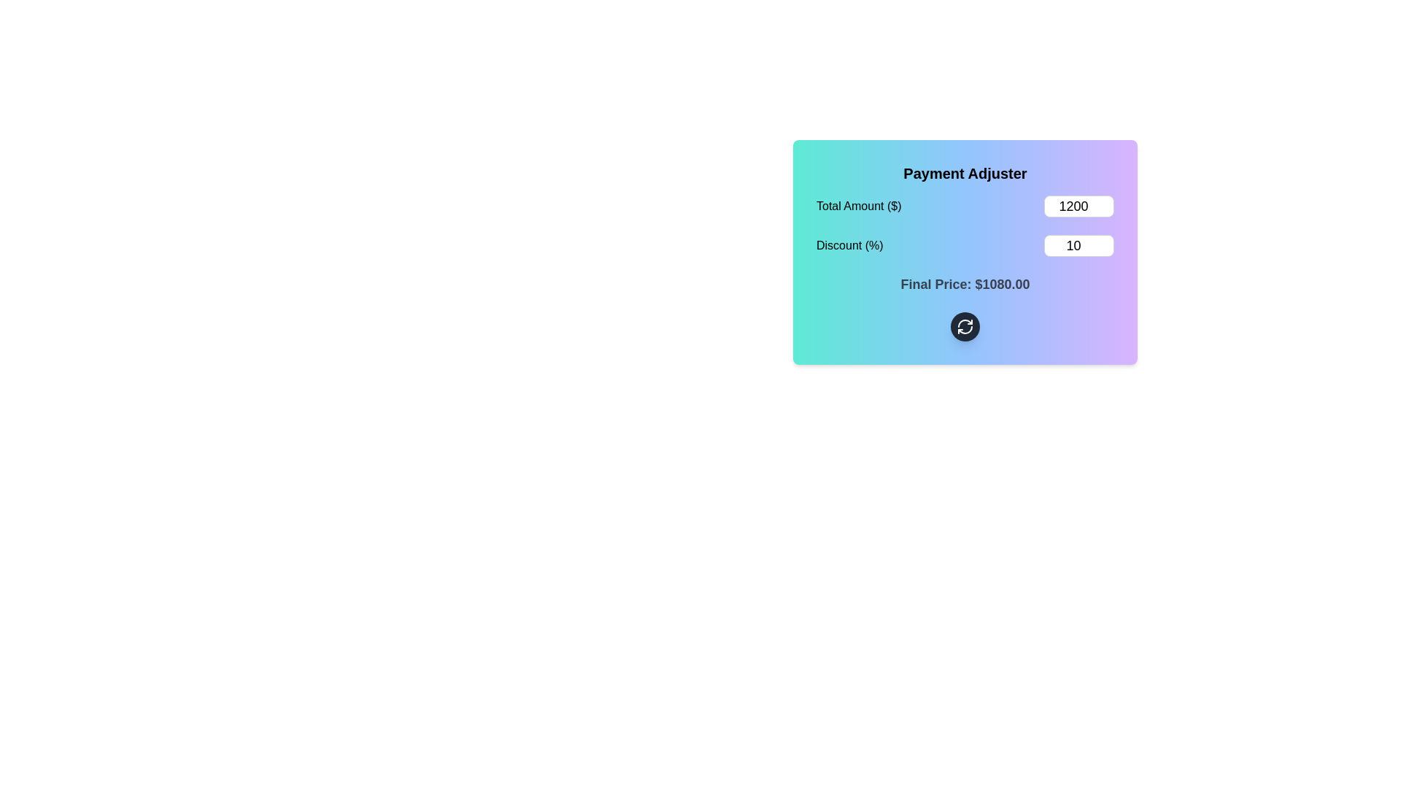 The image size is (1401, 788). What do you see at coordinates (965, 173) in the screenshot?
I see `the 'Payment Adjuster' text label, which is styled in bold and large font, located at the top-center of the gradient-shaded card interface` at bounding box center [965, 173].